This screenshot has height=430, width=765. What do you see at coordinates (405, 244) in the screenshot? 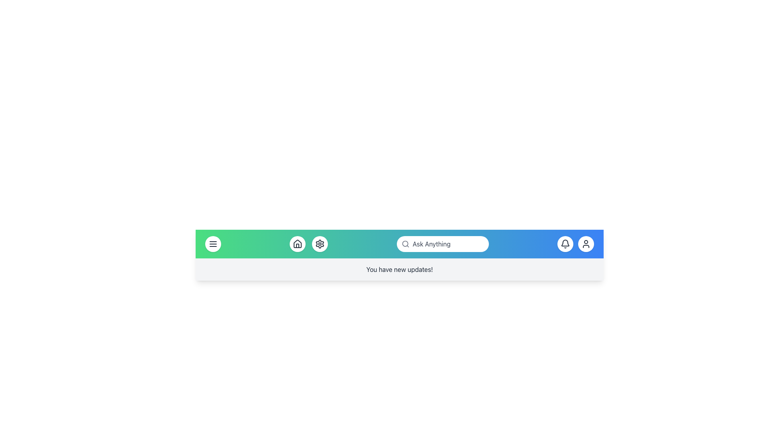
I see `the gray outlined magnifying glass icon located at the leftmost part of the search bar in the top navigation bar` at bounding box center [405, 244].